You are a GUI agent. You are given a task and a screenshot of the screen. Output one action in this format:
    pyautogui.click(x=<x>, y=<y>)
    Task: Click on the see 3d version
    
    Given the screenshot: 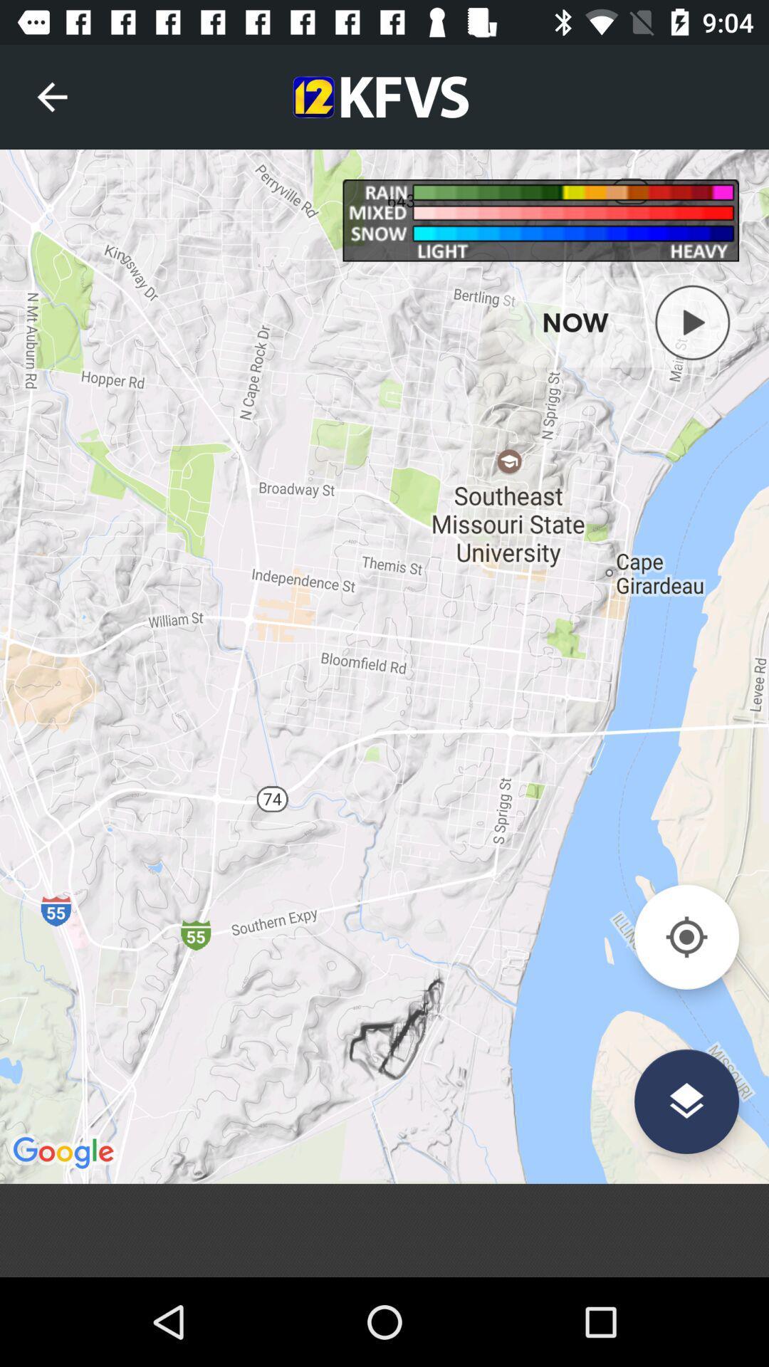 What is the action you would take?
    pyautogui.click(x=686, y=1101)
    